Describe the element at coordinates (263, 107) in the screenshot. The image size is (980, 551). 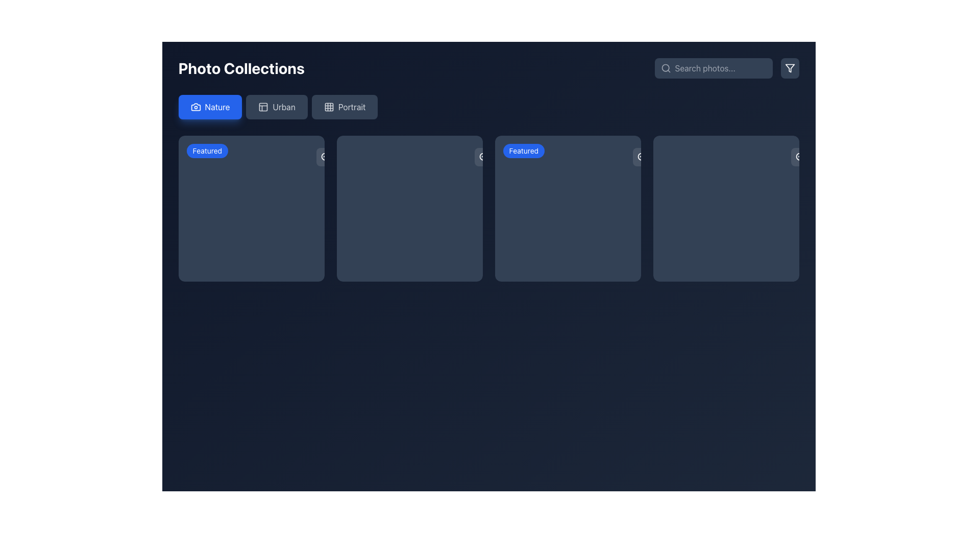
I see `the top-left panel layout icon, which is a square with rounded corners and two intersecting lines, located to the left of the 'Urban' text label in the collection type buttons` at that location.